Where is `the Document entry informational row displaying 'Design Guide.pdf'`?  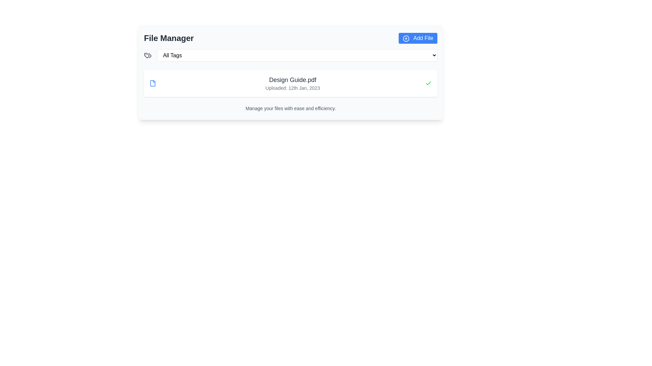 the Document entry informational row displaying 'Design Guide.pdf' is located at coordinates (290, 83).